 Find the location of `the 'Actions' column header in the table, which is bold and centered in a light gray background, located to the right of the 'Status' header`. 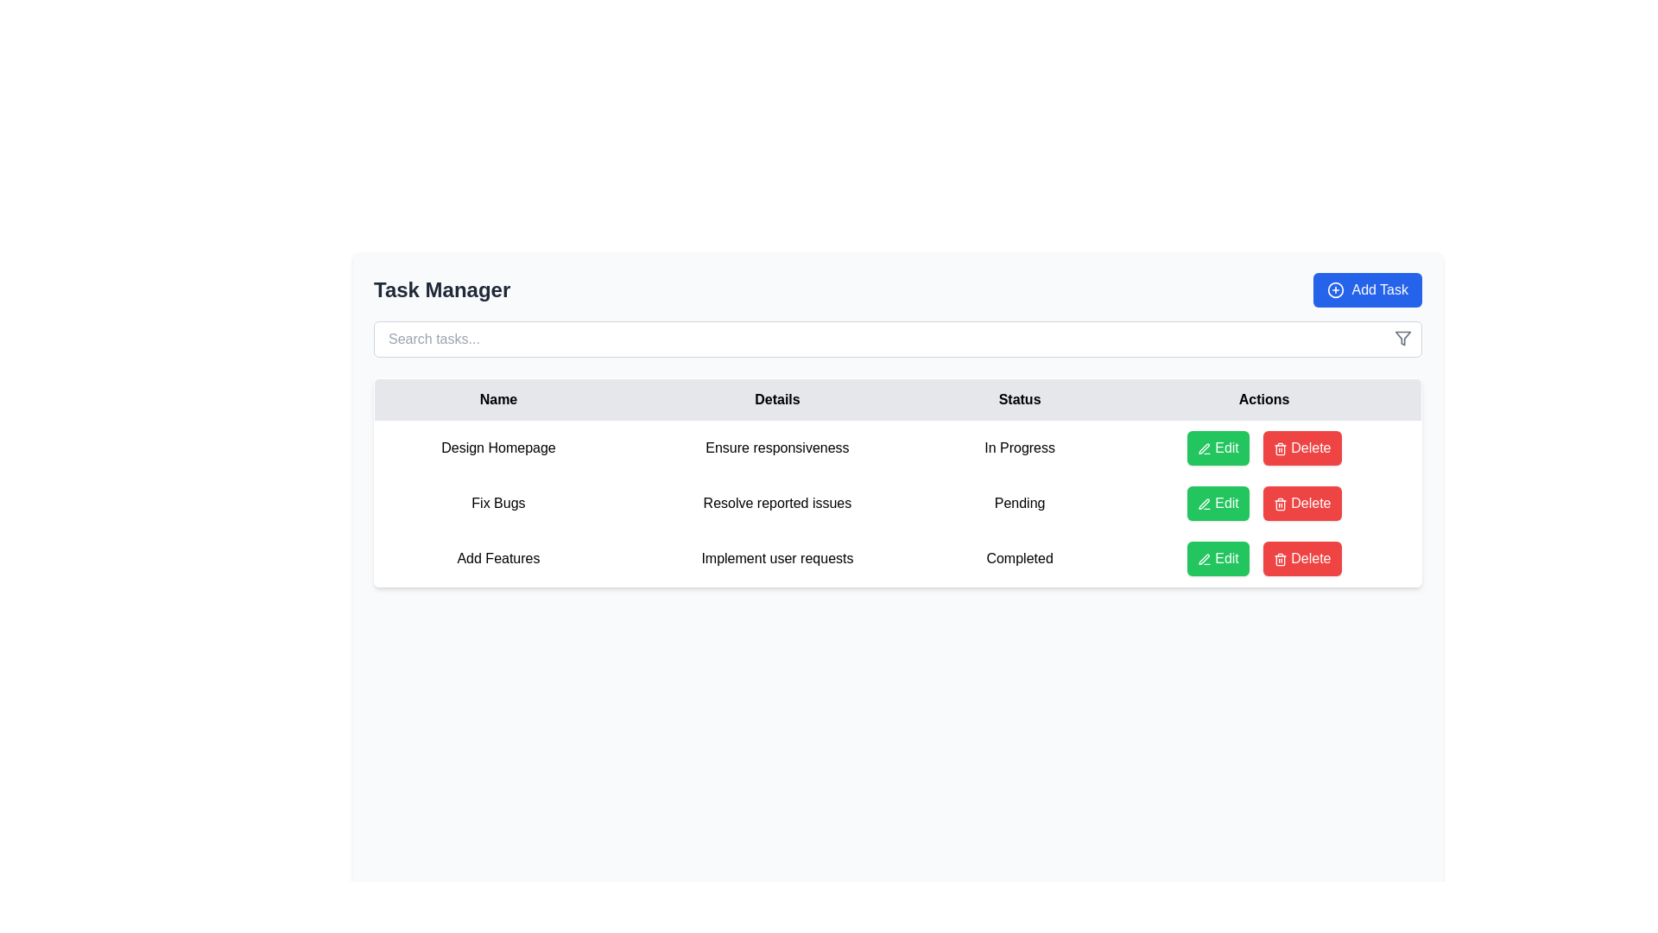

the 'Actions' column header in the table, which is bold and centered in a light gray background, located to the right of the 'Status' header is located at coordinates (1264, 399).